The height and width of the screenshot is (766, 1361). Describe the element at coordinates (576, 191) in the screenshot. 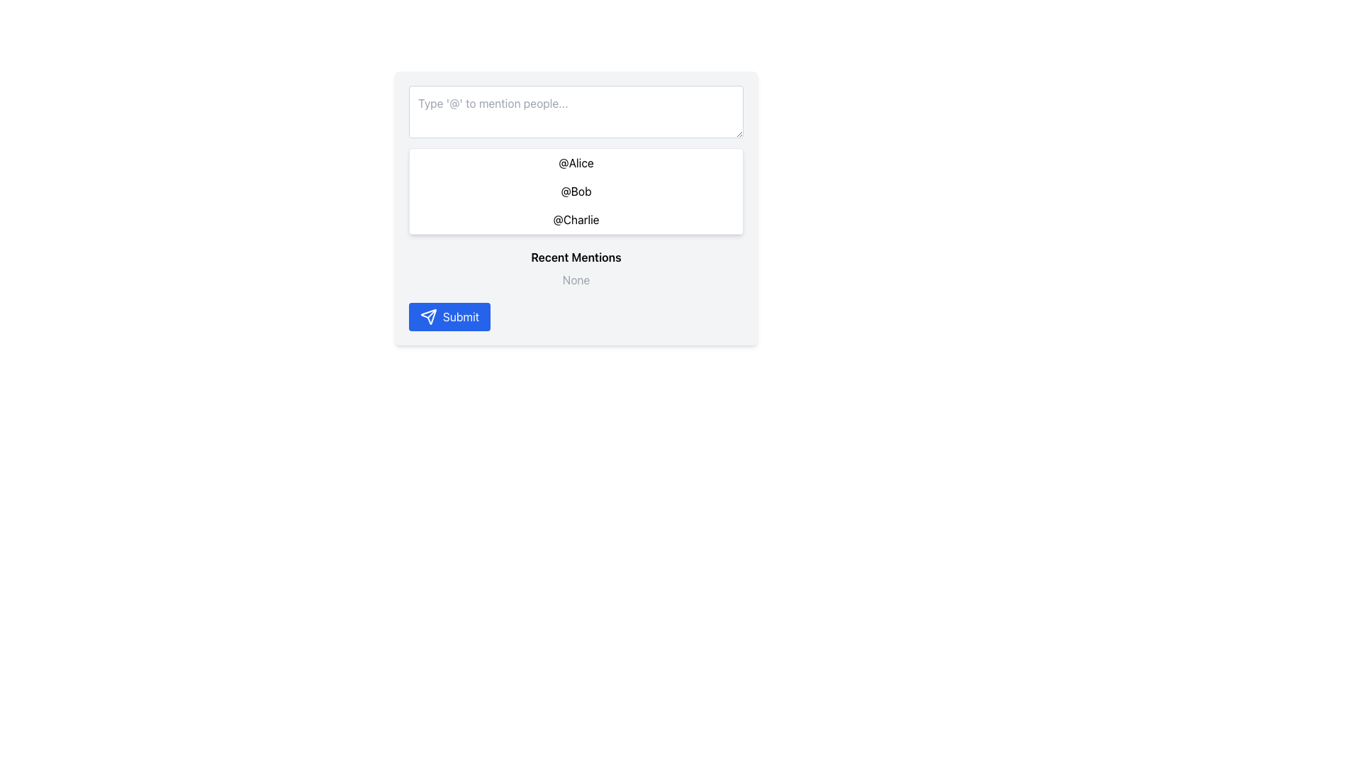

I see `the text list item displaying the username '@Bob'` at that location.